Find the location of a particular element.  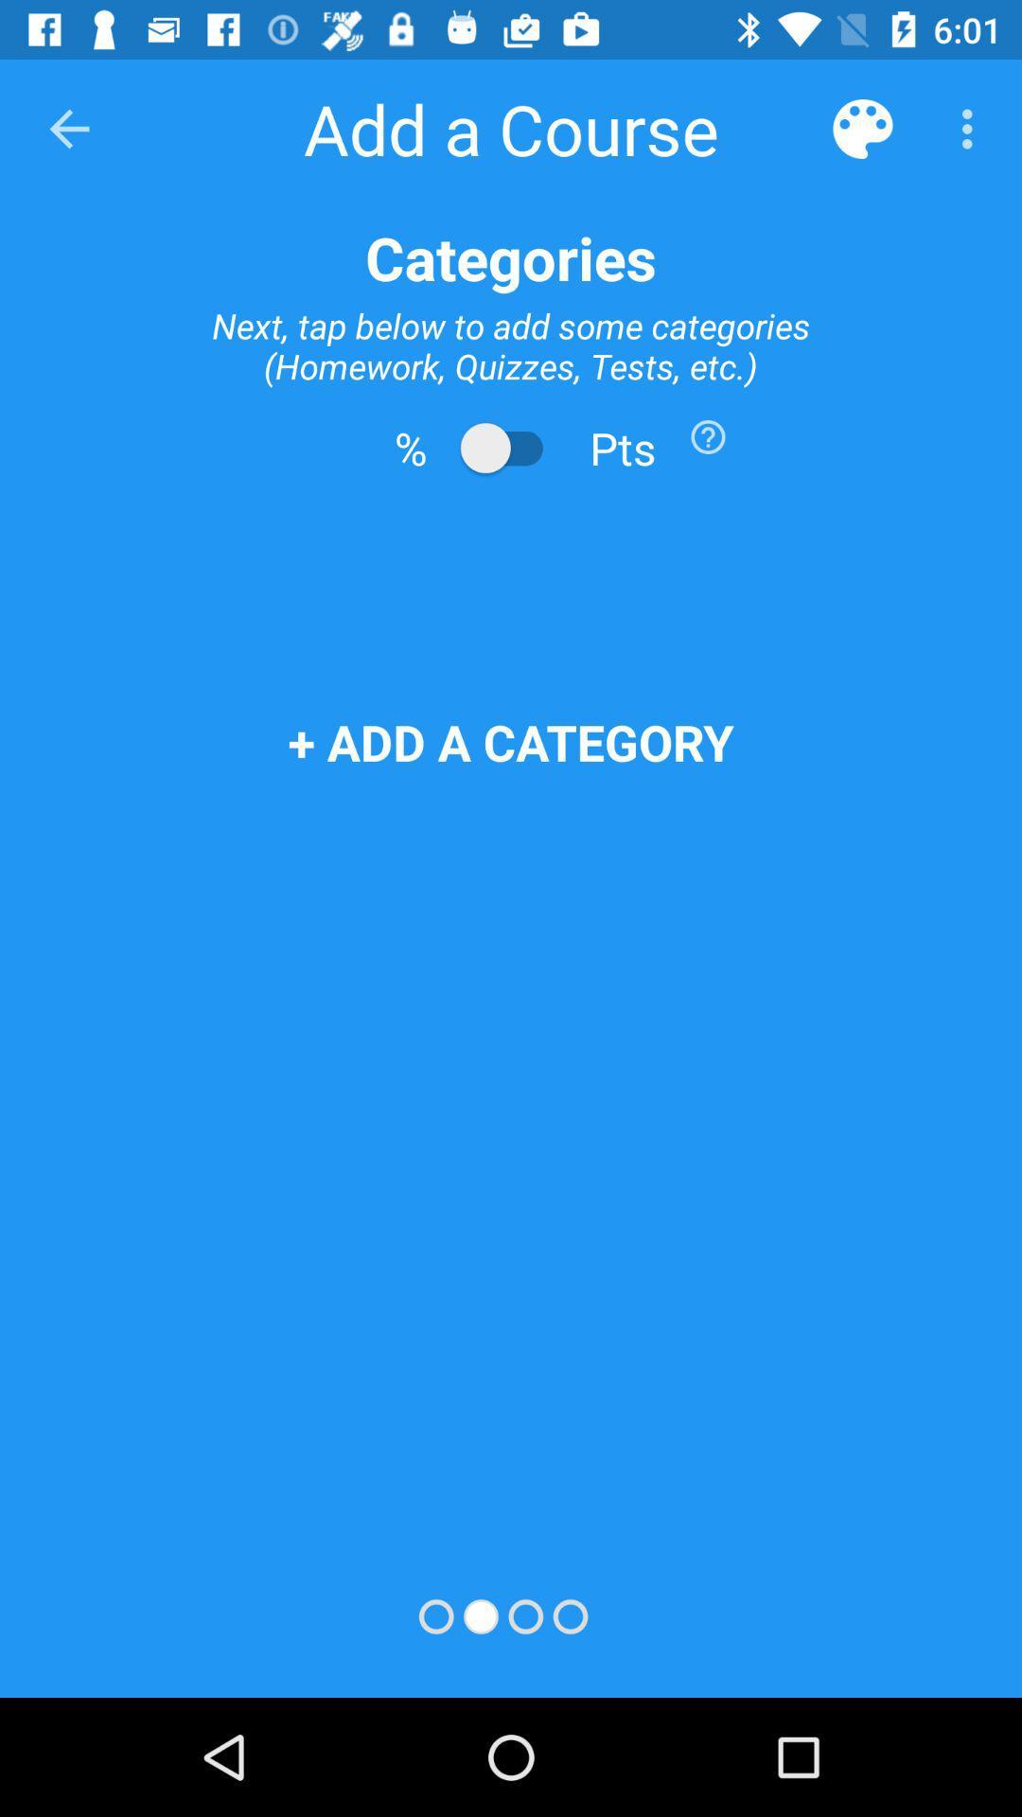

the icon above the categories is located at coordinates (68, 128).